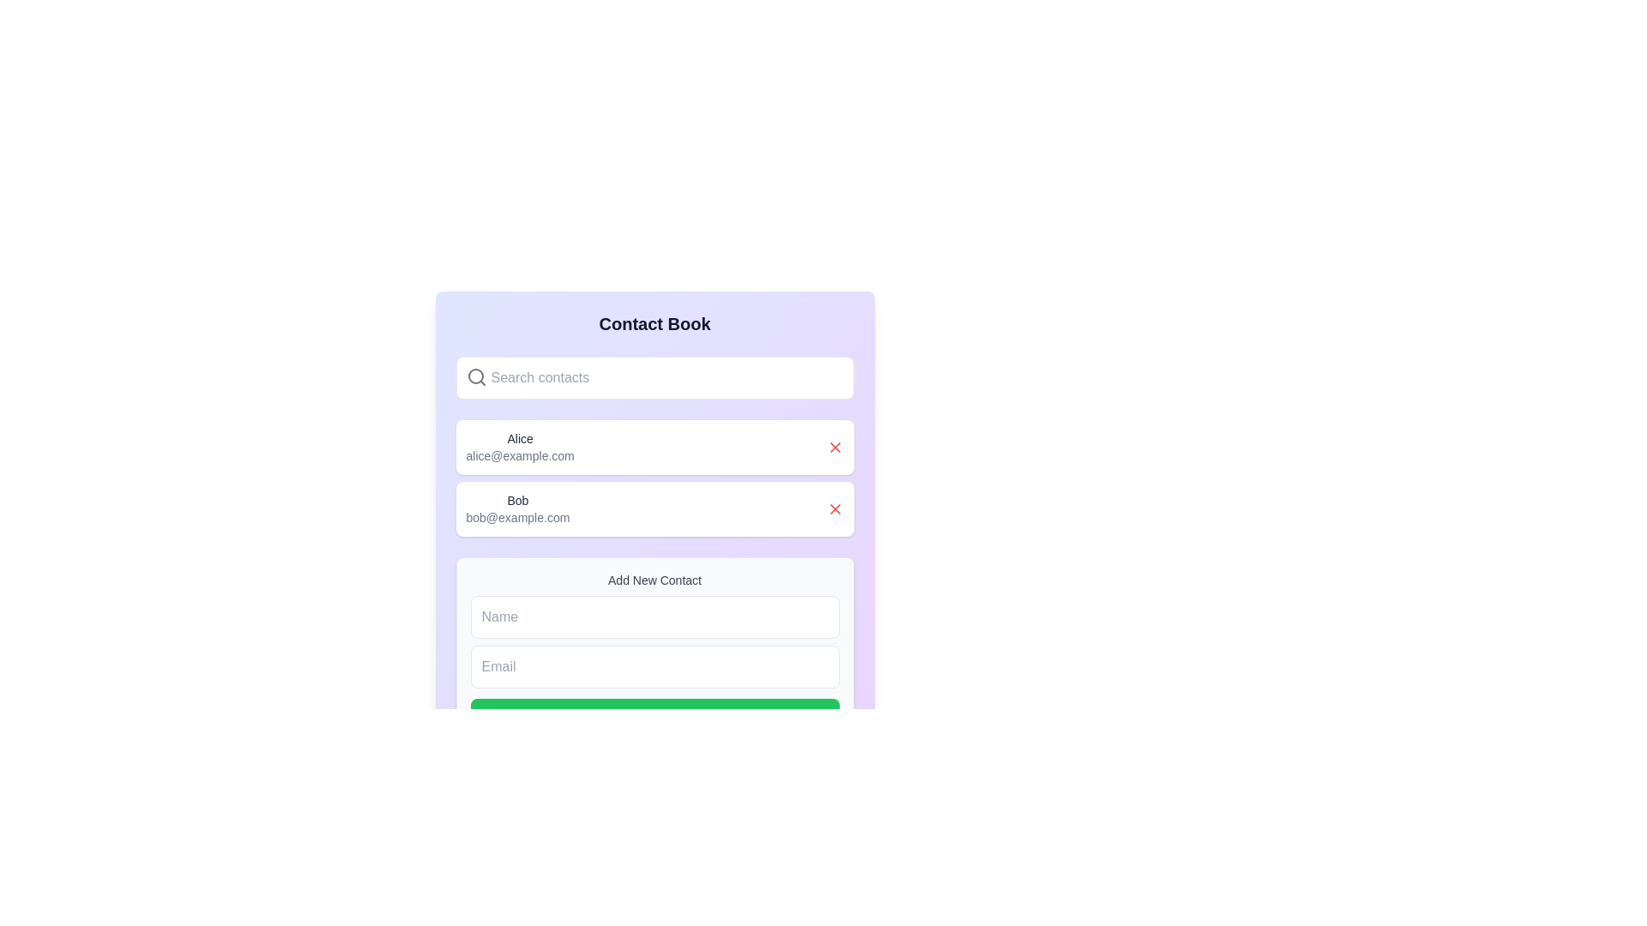  Describe the element at coordinates (476, 376) in the screenshot. I see `the search icon represented by a magnifying glass, located to the left of the input field with the placeholder text 'Search contacts' under the heading 'Contact Book'` at that location.